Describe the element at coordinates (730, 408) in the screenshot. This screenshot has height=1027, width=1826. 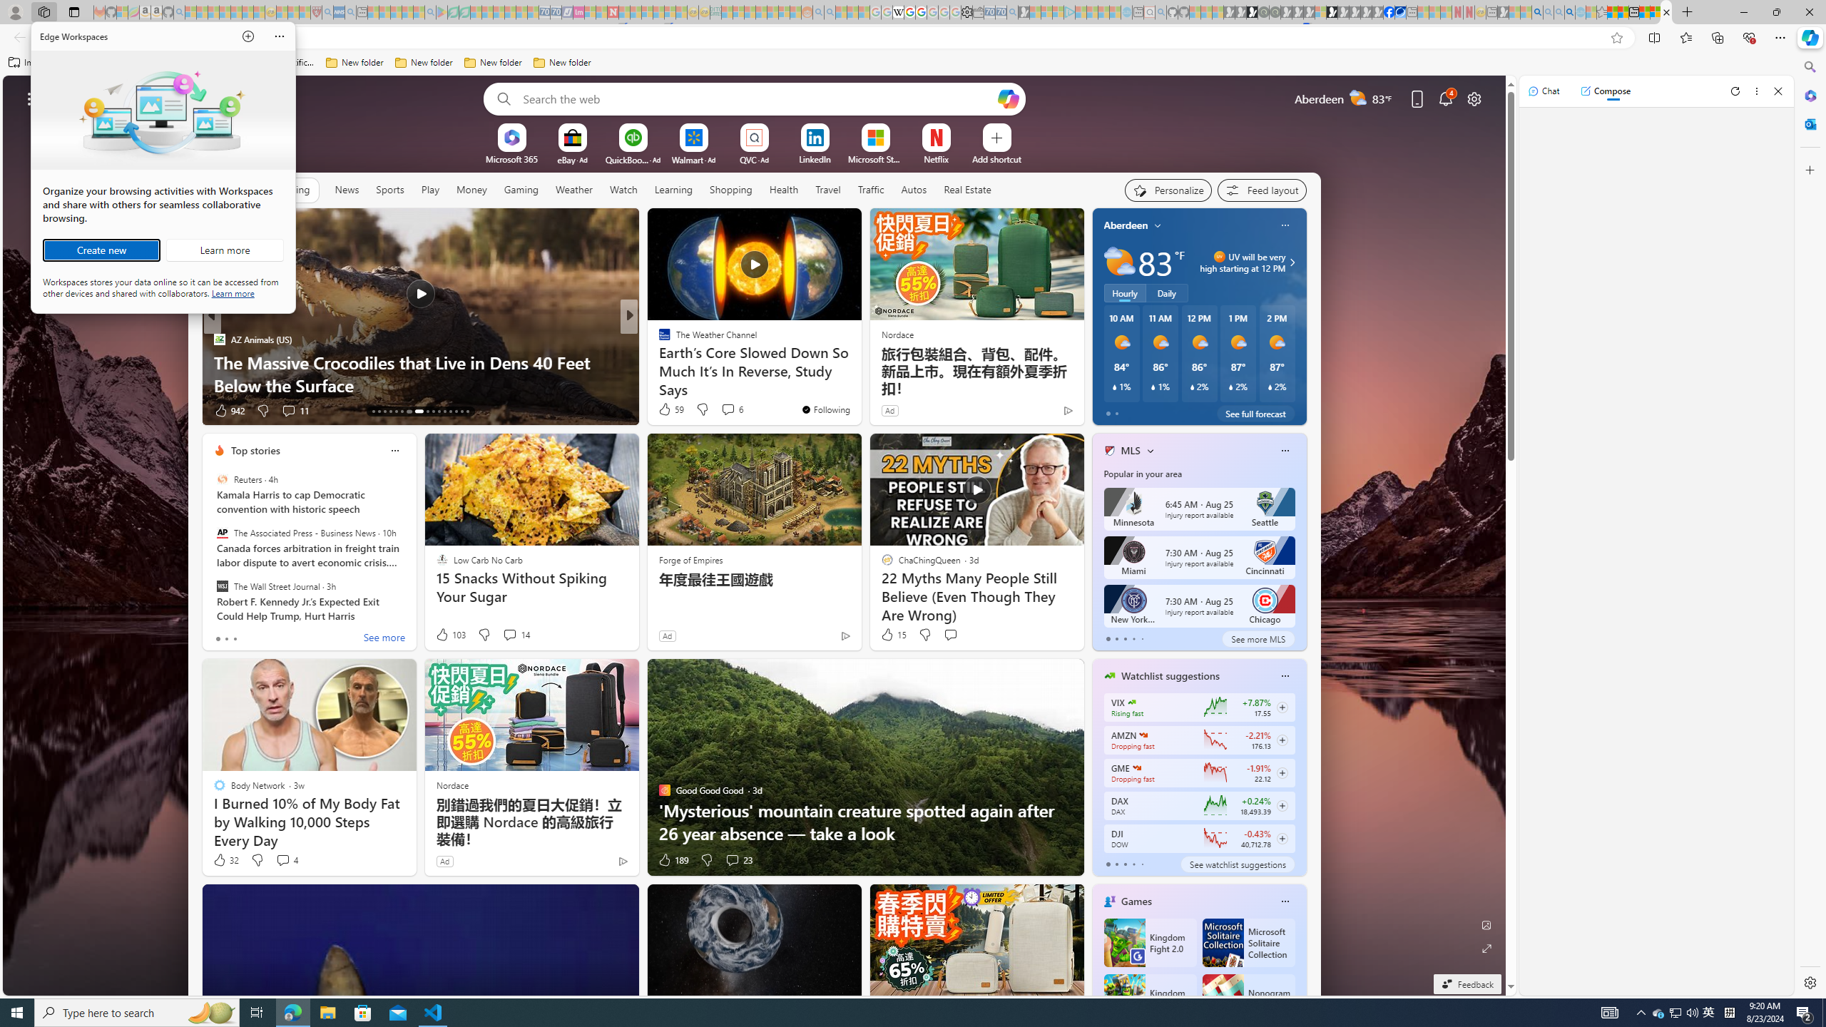
I see `'View comments 6 Comment'` at that location.